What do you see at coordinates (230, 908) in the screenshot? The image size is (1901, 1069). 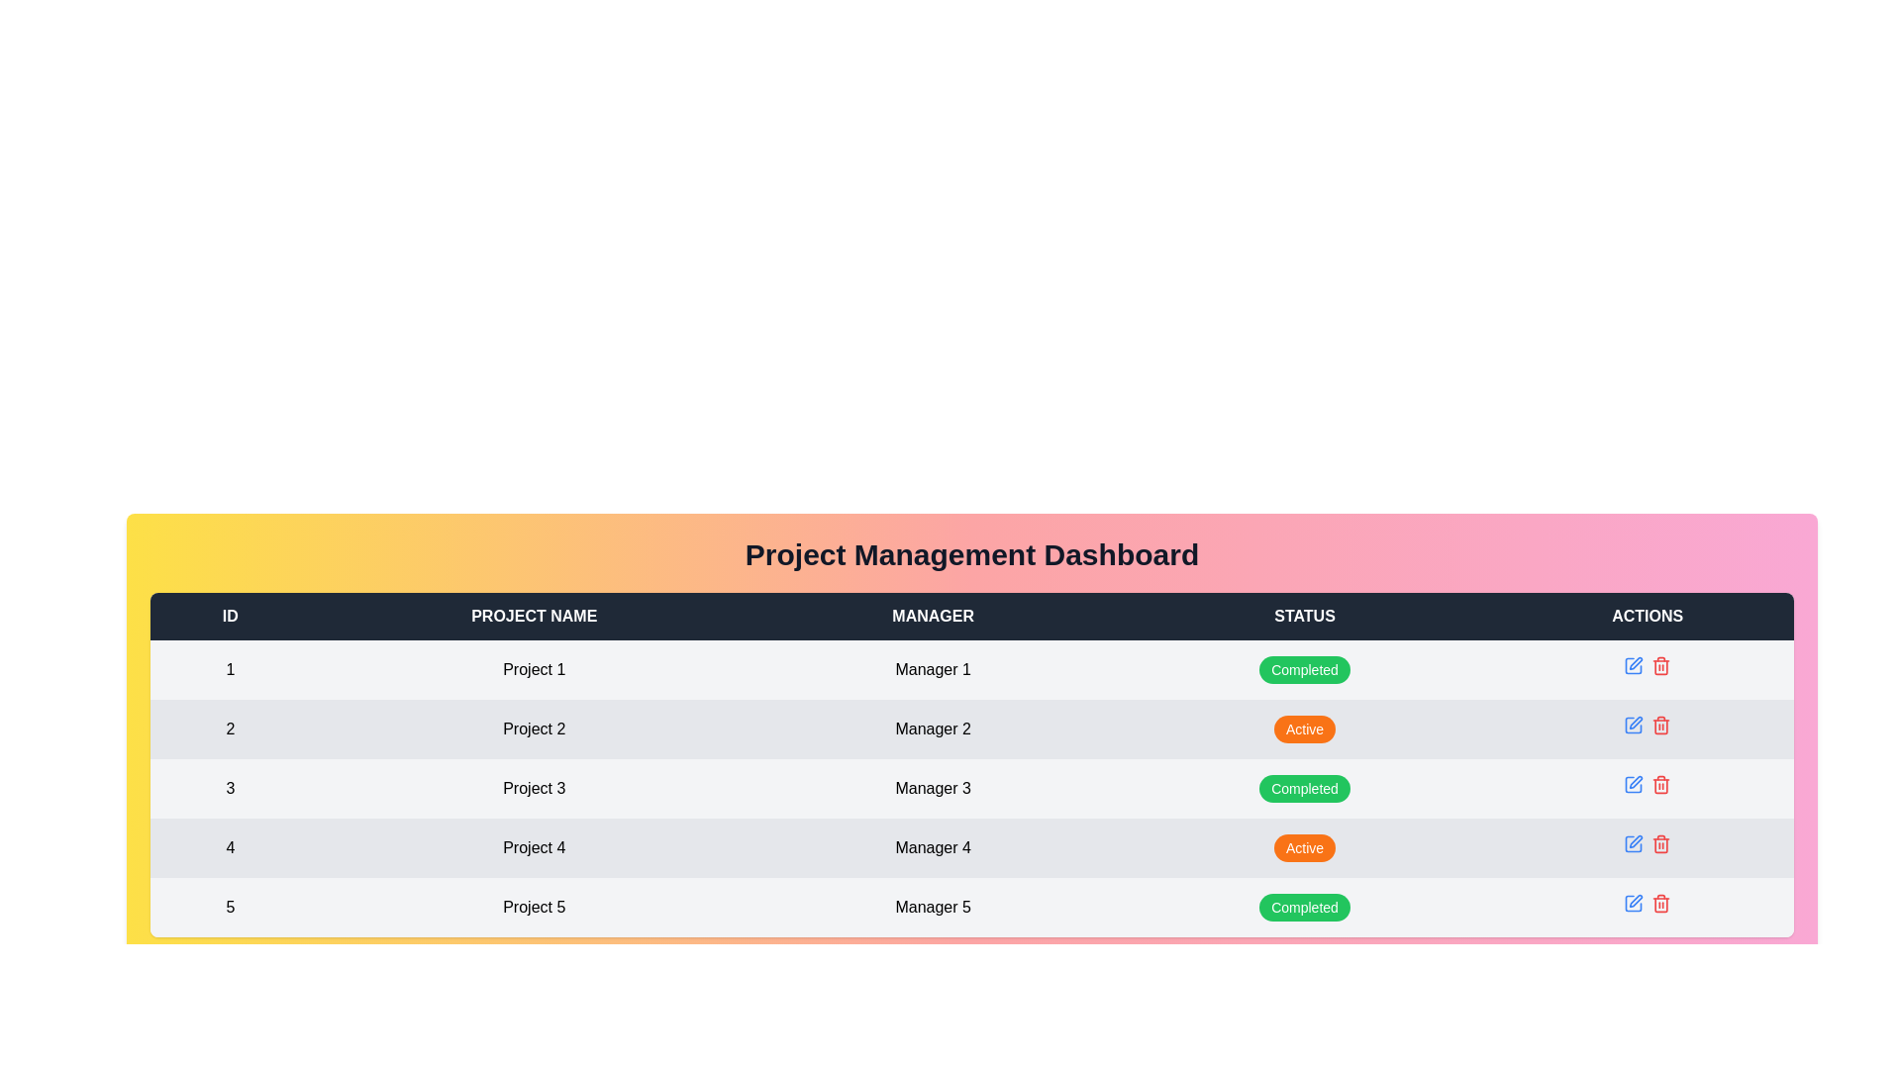 I see `the Text display representing the unique identifier for the fifth row of the table in the 'ID' column, which corresponds to 'Project 5'` at bounding box center [230, 908].